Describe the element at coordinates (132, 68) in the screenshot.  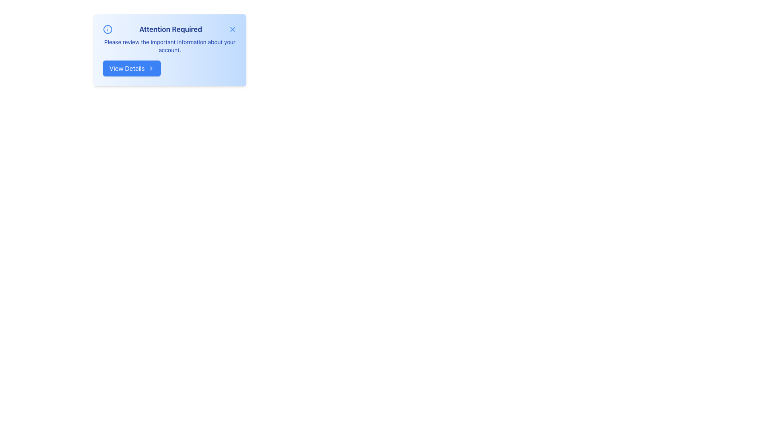
I see `the button located at the bottom of the notification box titled 'Attention Required'` at that location.